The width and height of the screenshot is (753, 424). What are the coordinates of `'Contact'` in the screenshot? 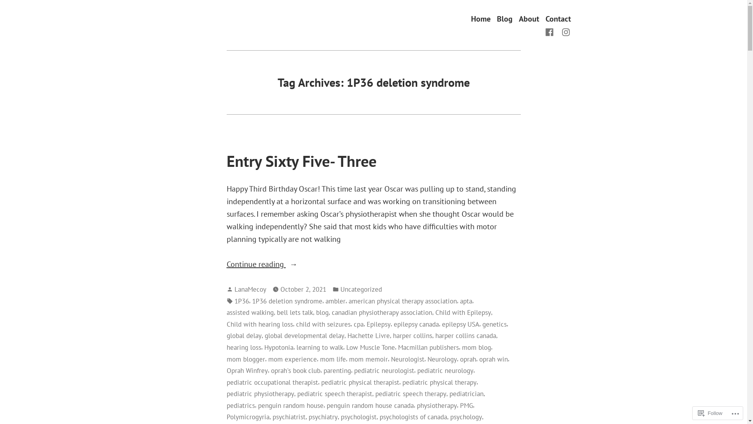 It's located at (557, 18).